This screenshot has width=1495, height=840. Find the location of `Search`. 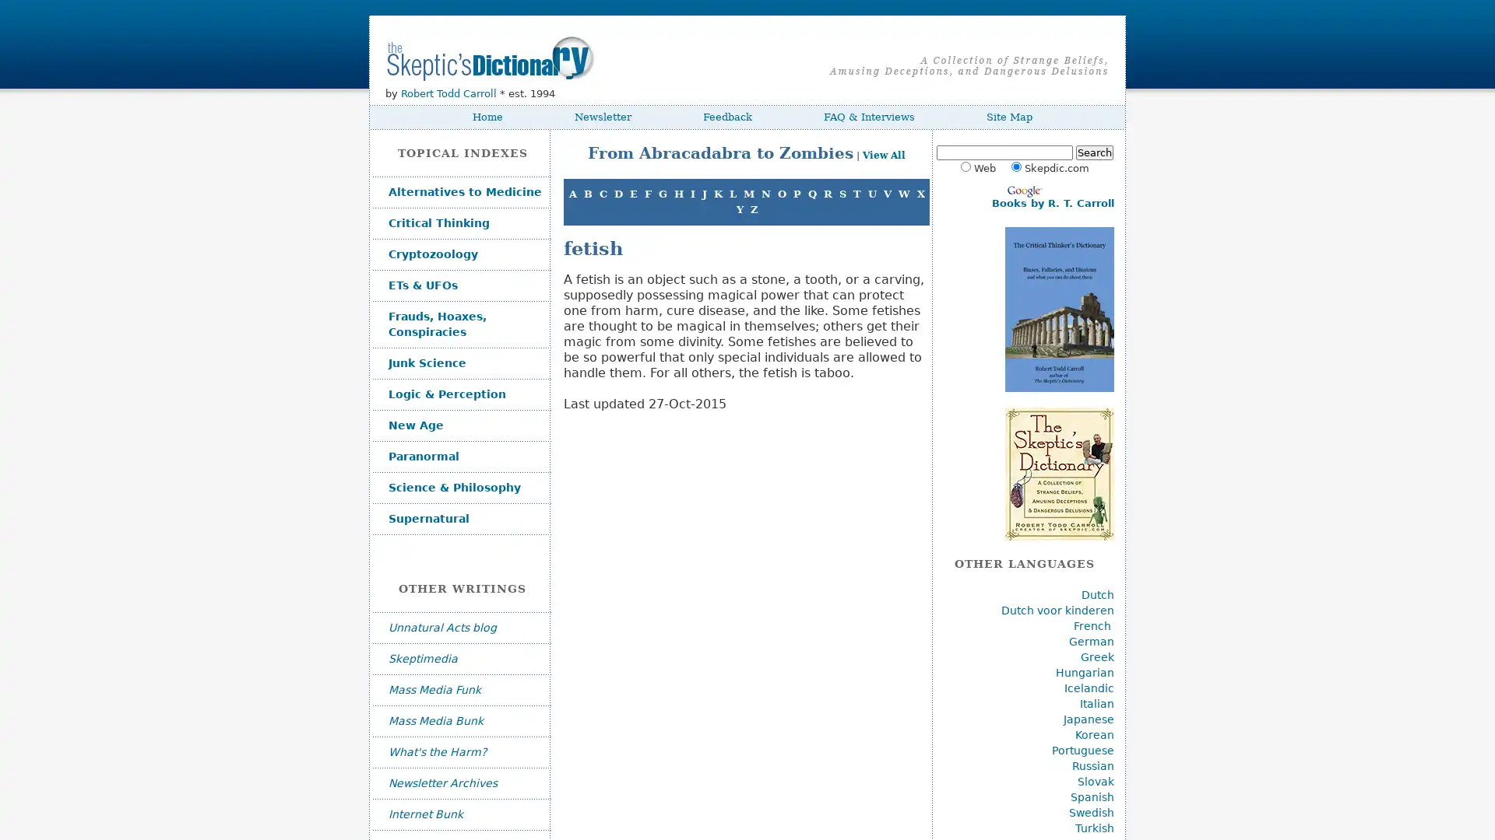

Search is located at coordinates (1093, 152).